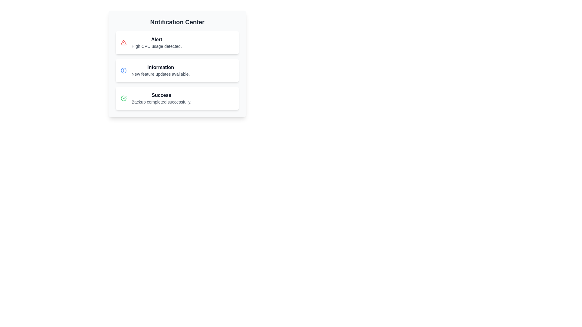  Describe the element at coordinates (177, 22) in the screenshot. I see `the 'Notification Center' text label, which is styled in bold with a larger font size and displayed in dark gray at the top of a white-framed card layout` at that location.